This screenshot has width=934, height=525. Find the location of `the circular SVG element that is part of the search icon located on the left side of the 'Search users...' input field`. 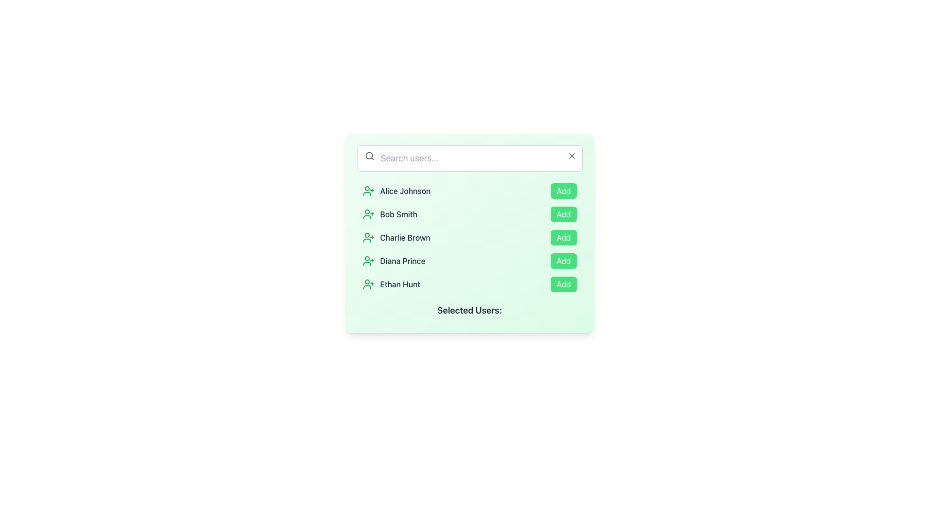

the circular SVG element that is part of the search icon located on the left side of the 'Search users...' input field is located at coordinates (368, 155).